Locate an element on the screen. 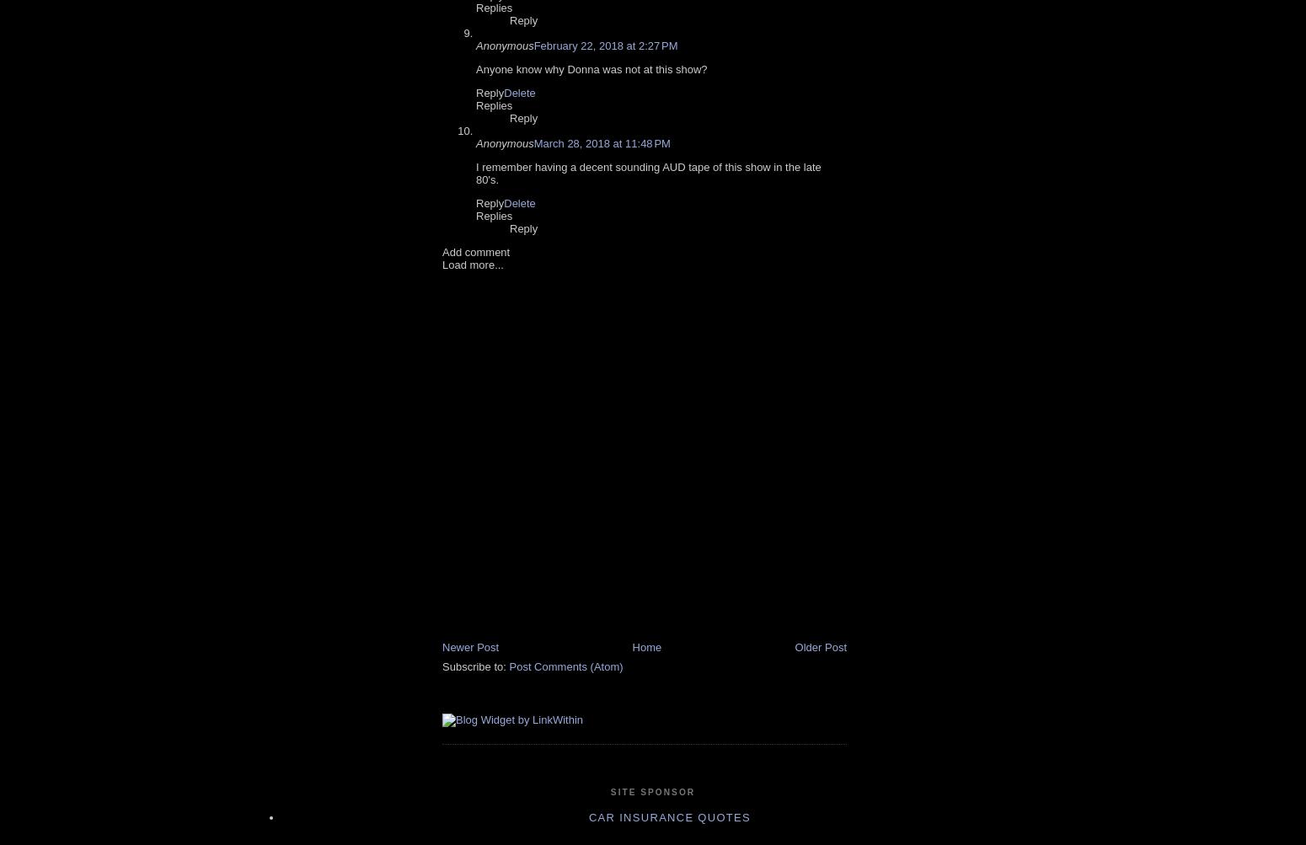 The image size is (1306, 845). 'Add comment' is located at coordinates (441, 251).